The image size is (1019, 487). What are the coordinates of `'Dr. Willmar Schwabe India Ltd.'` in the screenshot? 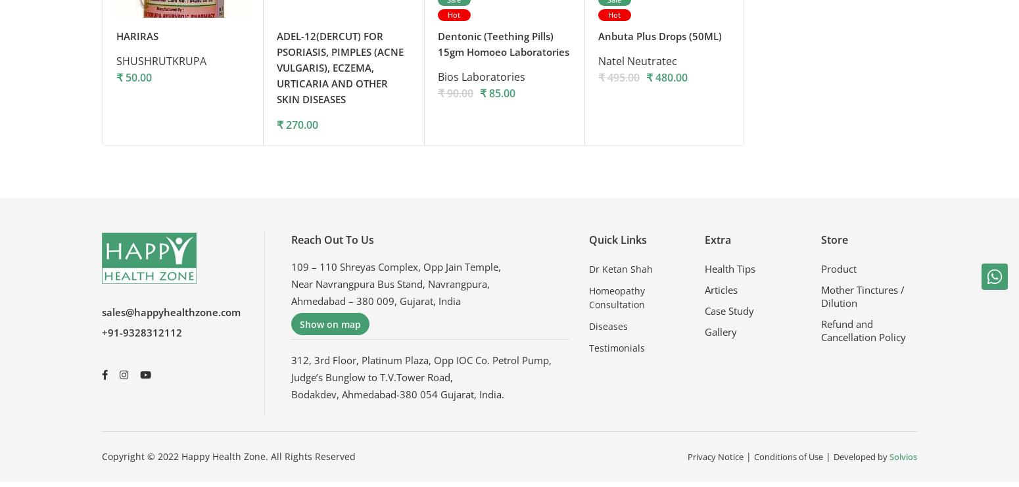 It's located at (757, 104).